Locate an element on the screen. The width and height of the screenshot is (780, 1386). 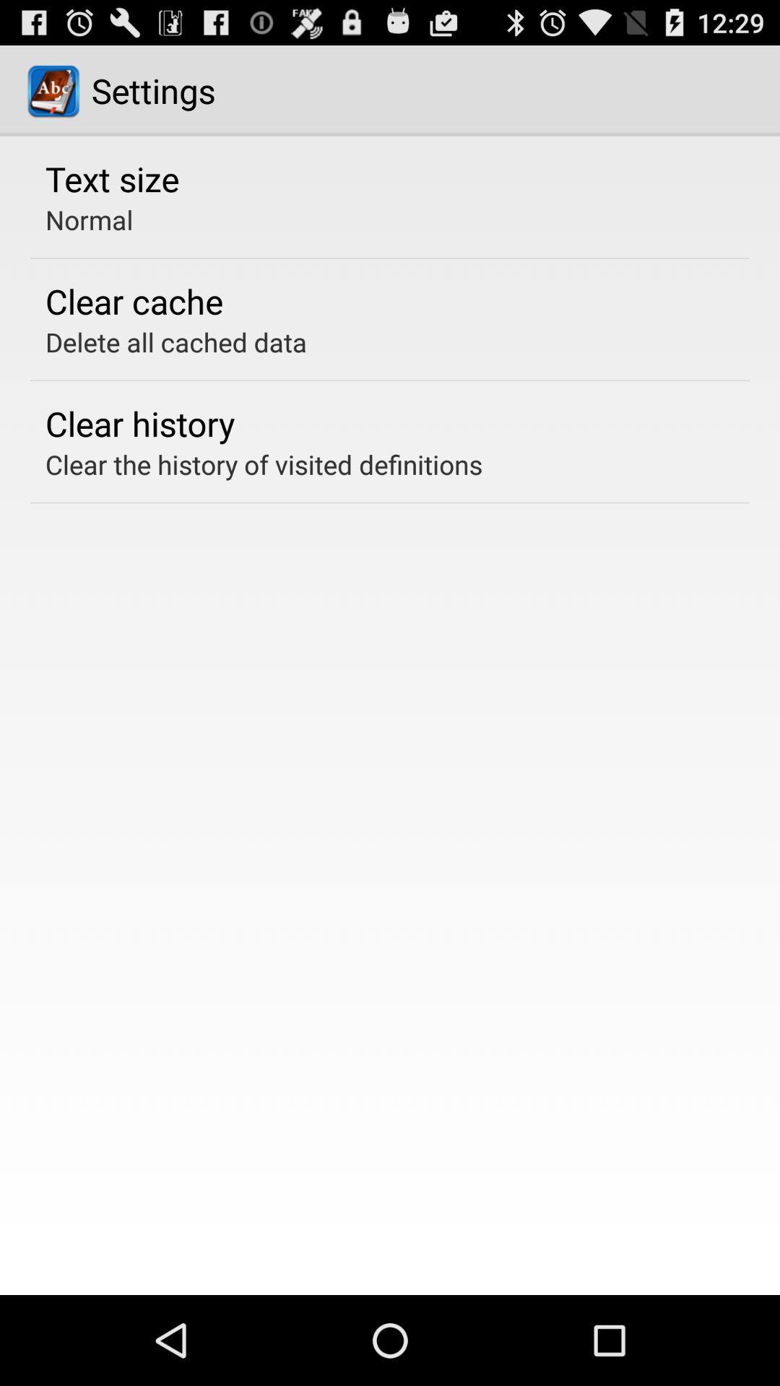
app above the normal is located at coordinates (111, 178).